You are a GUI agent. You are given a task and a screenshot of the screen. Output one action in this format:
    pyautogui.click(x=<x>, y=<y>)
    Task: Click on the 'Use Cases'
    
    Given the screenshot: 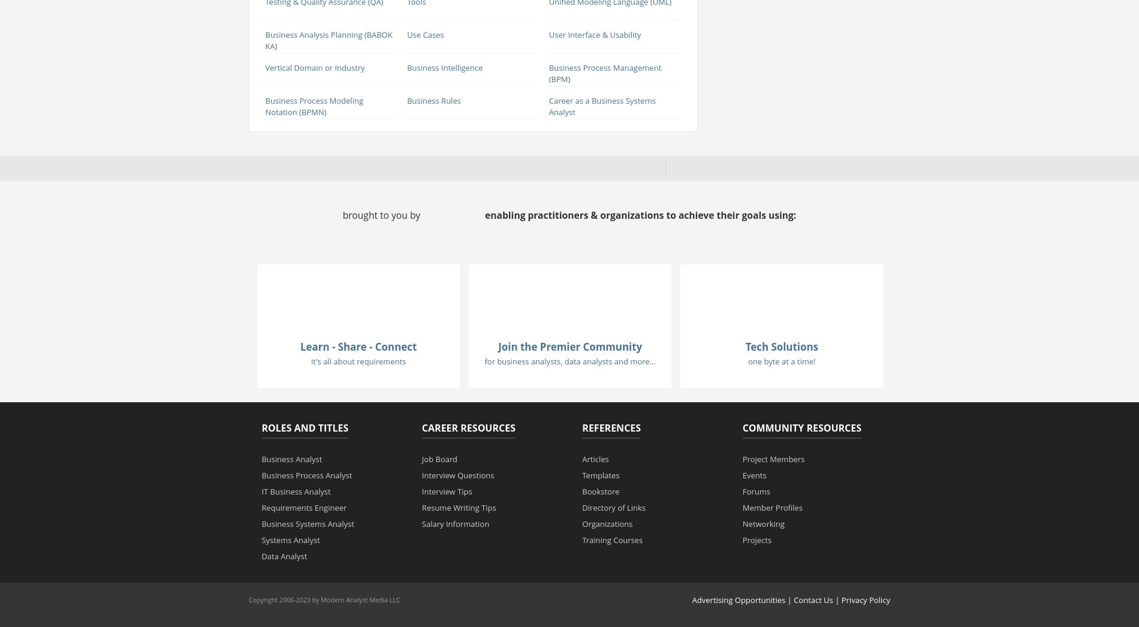 What is the action you would take?
    pyautogui.click(x=425, y=34)
    